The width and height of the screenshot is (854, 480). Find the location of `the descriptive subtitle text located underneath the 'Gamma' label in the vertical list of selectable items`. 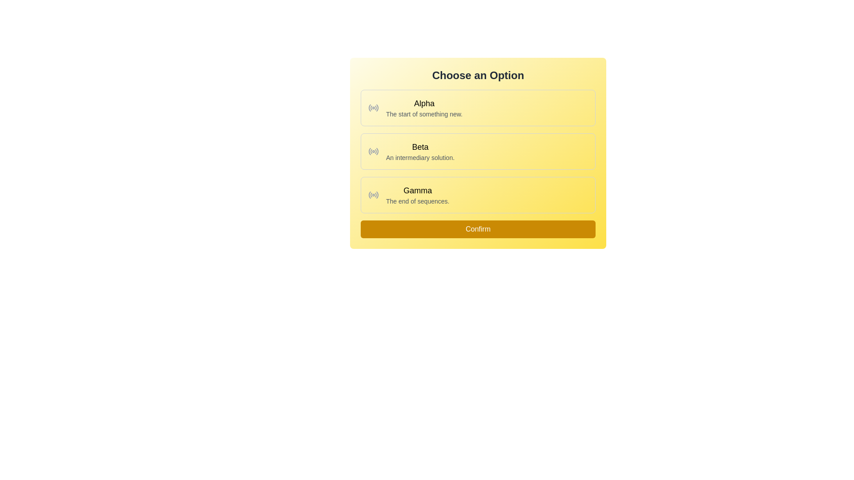

the descriptive subtitle text located underneath the 'Gamma' label in the vertical list of selectable items is located at coordinates (417, 201).